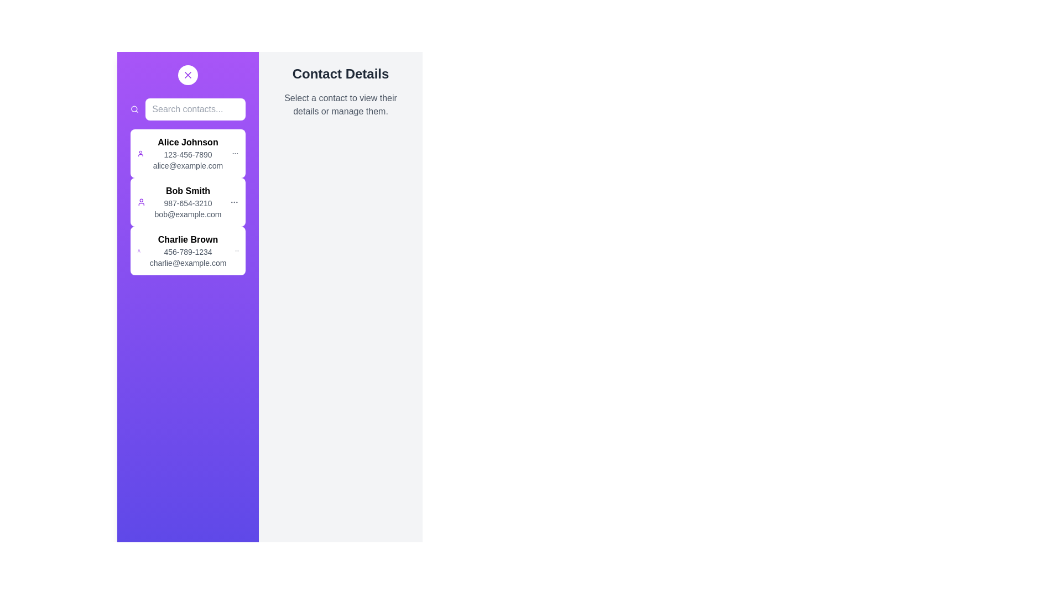  I want to click on the options menu (ellipsis icon) for the contact Charlie Brown, so click(236, 251).